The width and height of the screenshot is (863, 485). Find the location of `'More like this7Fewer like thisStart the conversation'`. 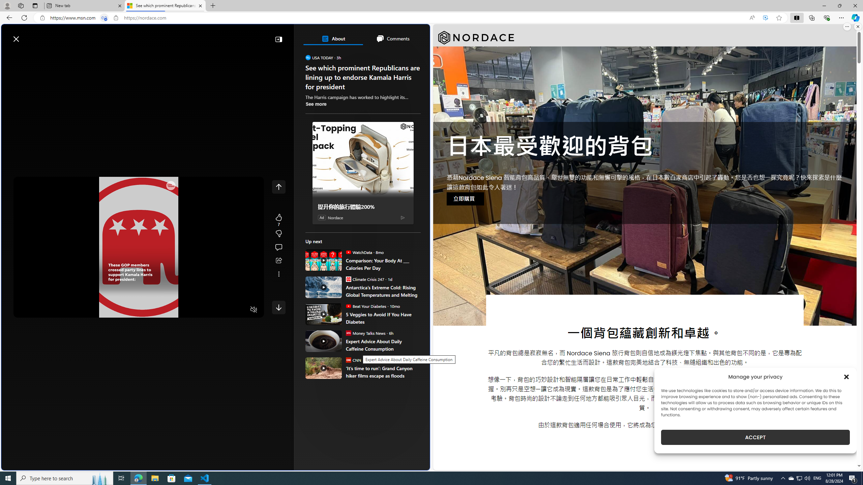

'More like this7Fewer like thisStart the conversation' is located at coordinates (278, 233).